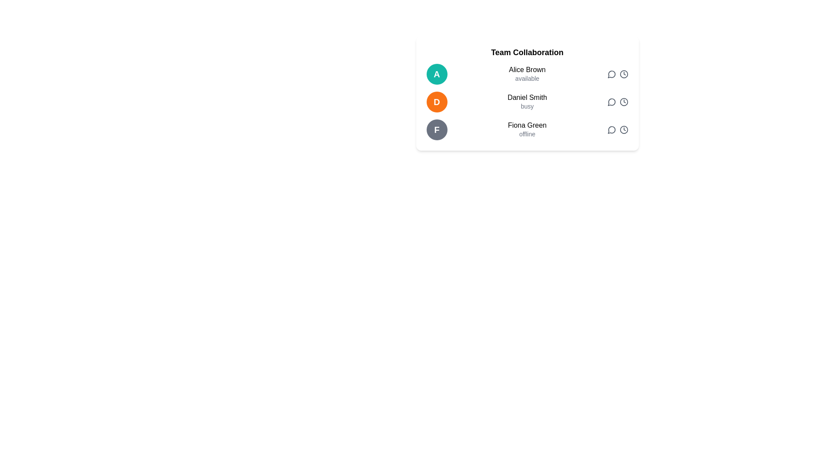 The width and height of the screenshot is (835, 469). What do you see at coordinates (611, 130) in the screenshot?
I see `the circular speech bubble icon button located in the 'Team Collaboration' section, specifically for 'Fiona Green', to enable keyboard interaction` at bounding box center [611, 130].